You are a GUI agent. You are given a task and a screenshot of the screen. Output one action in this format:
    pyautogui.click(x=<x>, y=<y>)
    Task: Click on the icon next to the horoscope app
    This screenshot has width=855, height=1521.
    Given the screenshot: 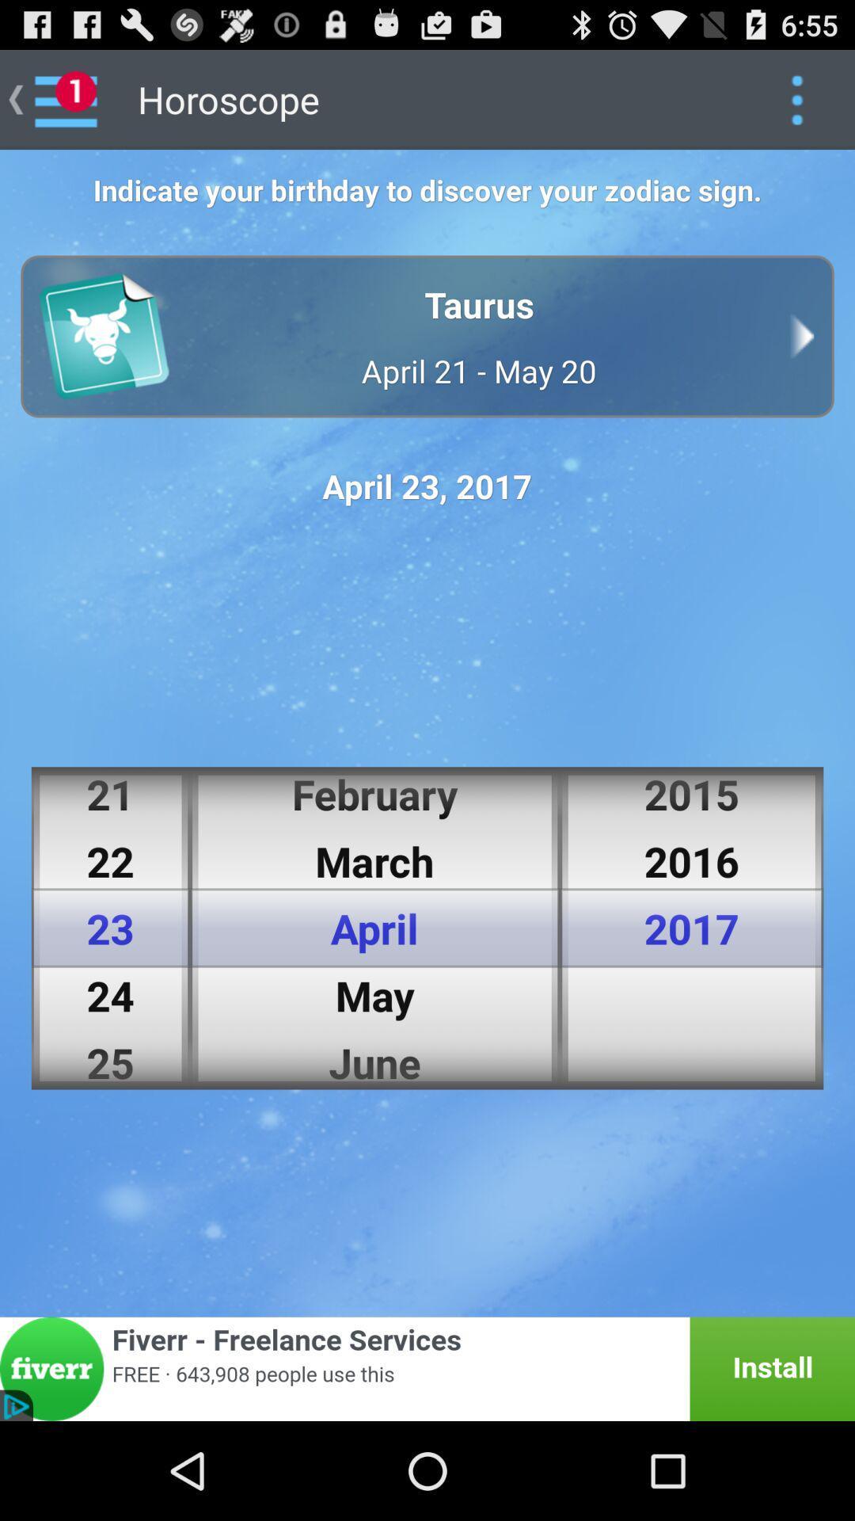 What is the action you would take?
    pyautogui.click(x=796, y=98)
    